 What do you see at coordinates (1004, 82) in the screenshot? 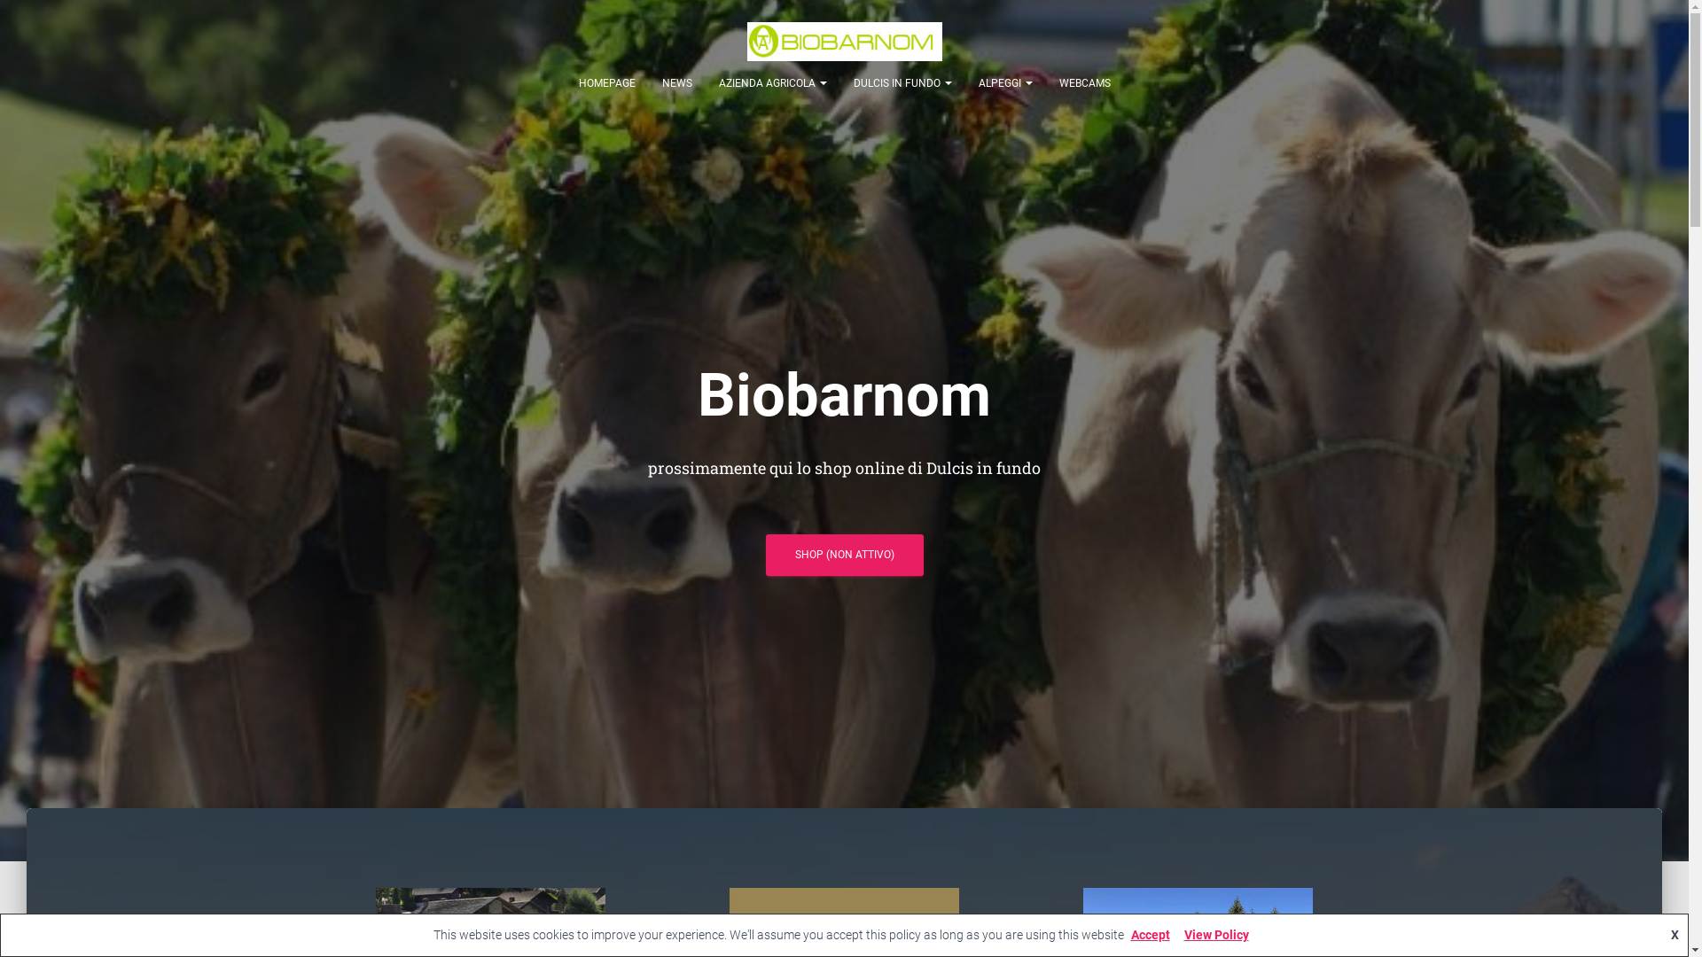
I see `'ALPEGGI'` at bounding box center [1004, 82].